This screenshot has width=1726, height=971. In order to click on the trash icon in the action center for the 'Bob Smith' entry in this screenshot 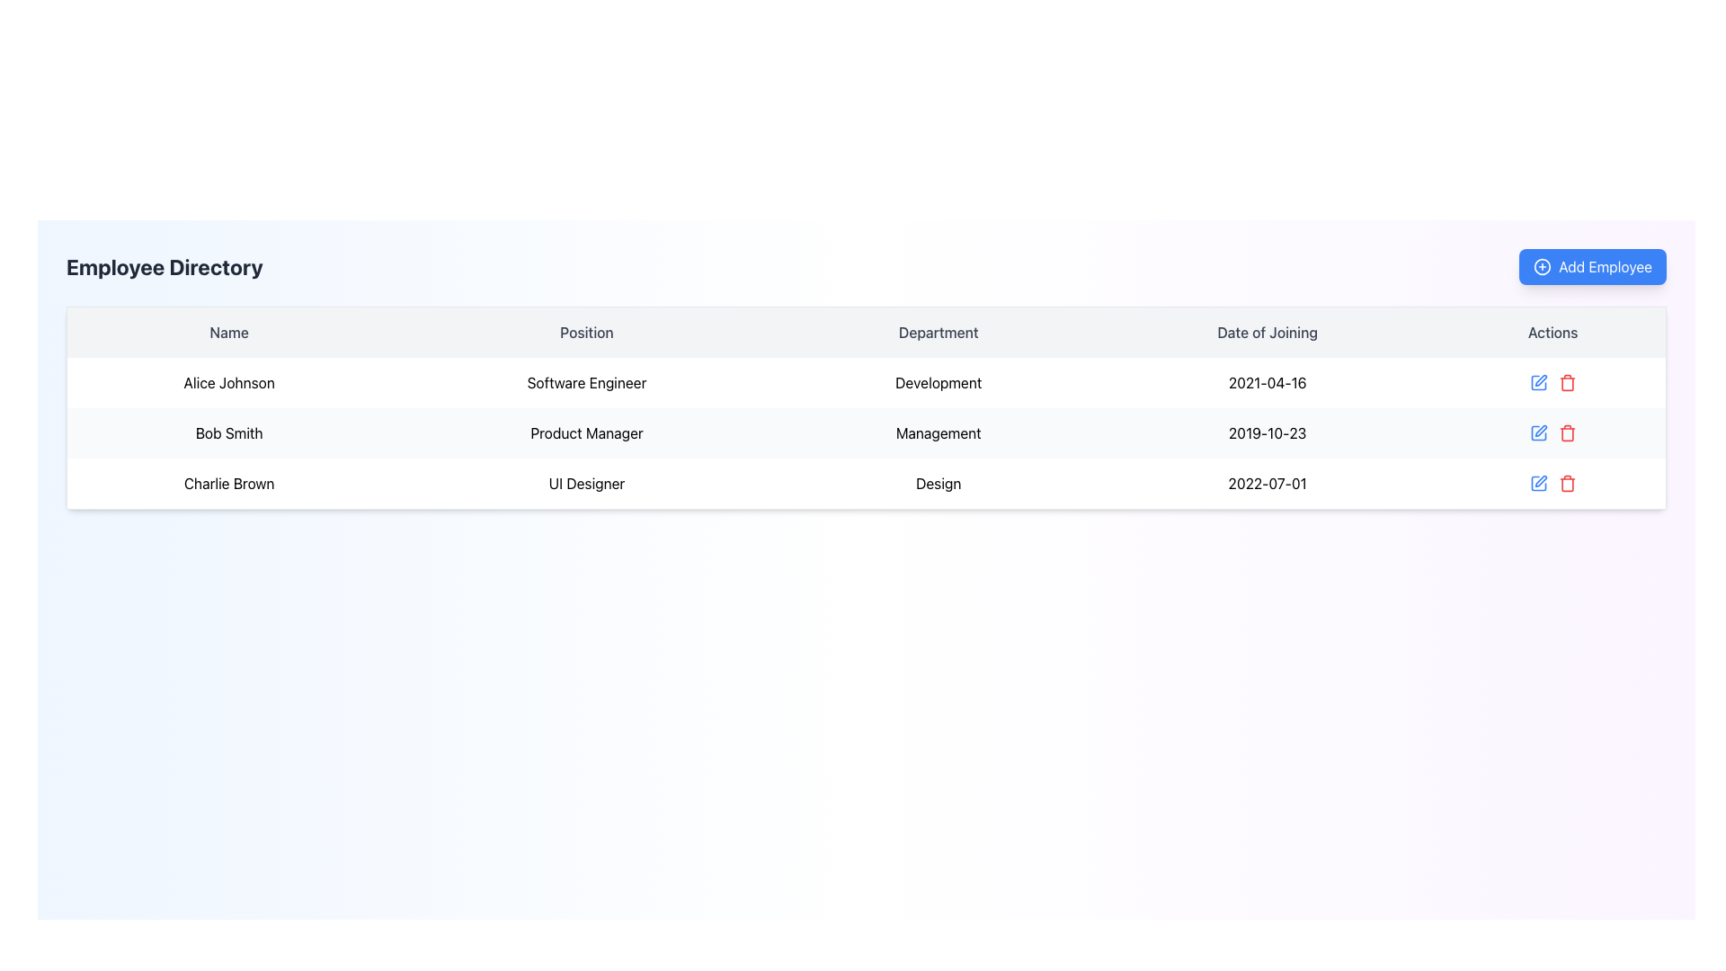, I will do `click(1552, 433)`.